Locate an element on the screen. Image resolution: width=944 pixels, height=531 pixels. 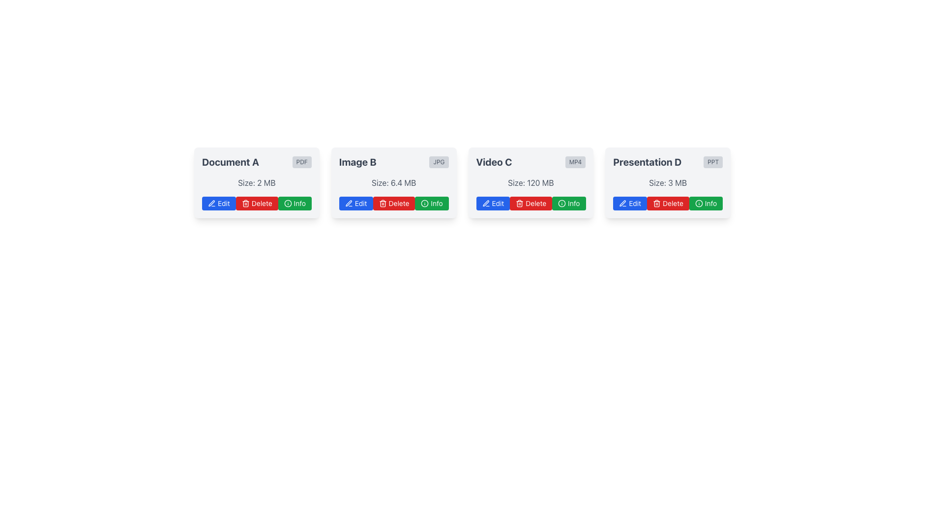
the small badge labeled 'PDF' located in the top-right corner of the card titled 'Document A' is located at coordinates (301, 162).